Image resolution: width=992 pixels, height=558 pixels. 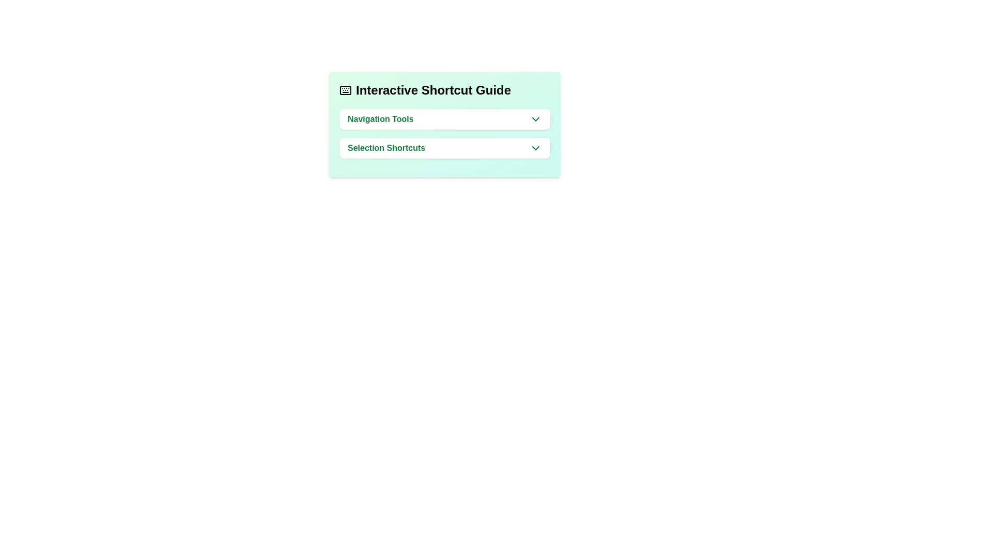 What do you see at coordinates (444, 148) in the screenshot?
I see `the Dropdown button for 'Selection Shortcuts', which is the second item in the 'Interactive Shortcut Guide' list` at bounding box center [444, 148].